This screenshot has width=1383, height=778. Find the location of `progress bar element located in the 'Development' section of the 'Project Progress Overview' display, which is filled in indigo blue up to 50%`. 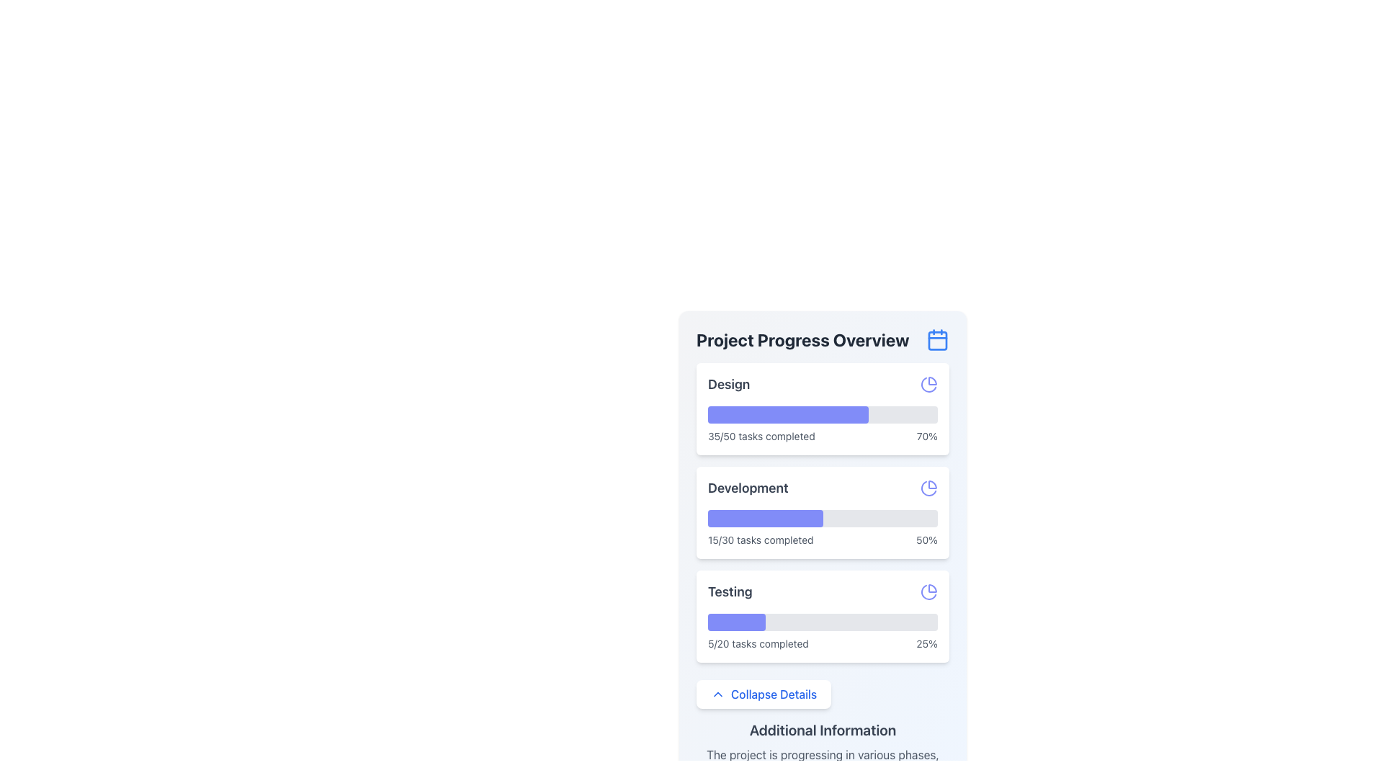

progress bar element located in the 'Development' section of the 'Project Progress Overview' display, which is filled in indigo blue up to 50% is located at coordinates (823, 519).